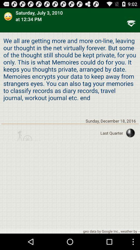  Describe the element at coordinates (131, 25) in the screenshot. I see `the filter_list icon` at that location.